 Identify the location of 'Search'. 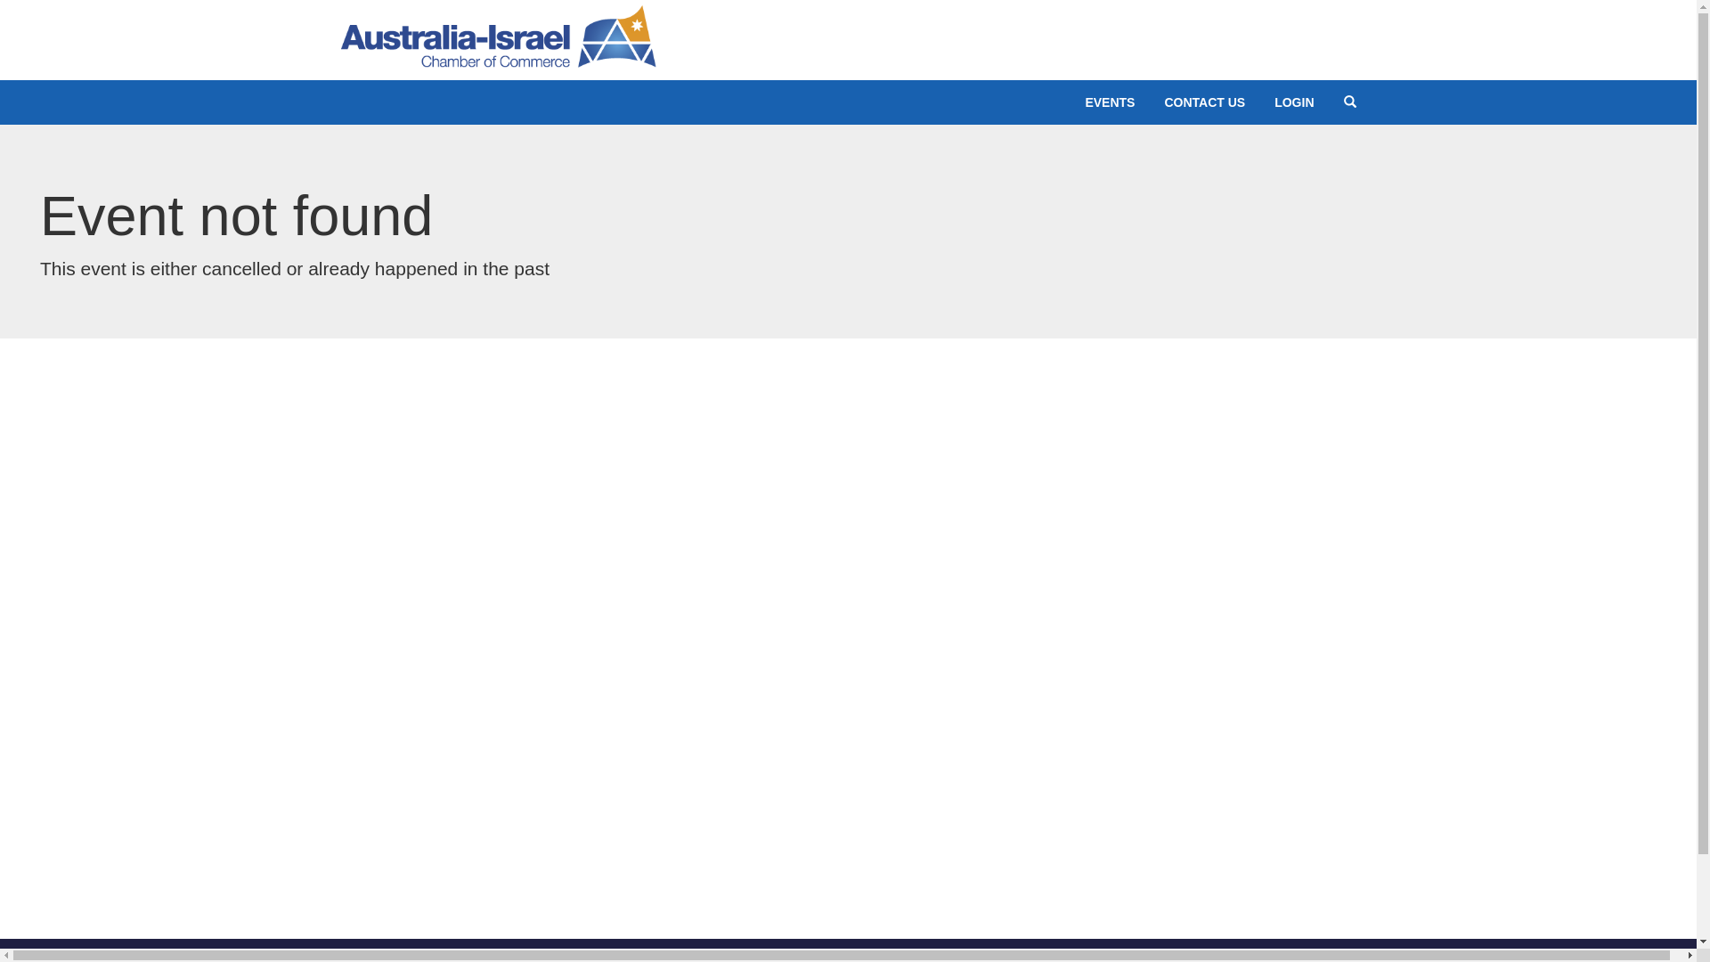
(1350, 102).